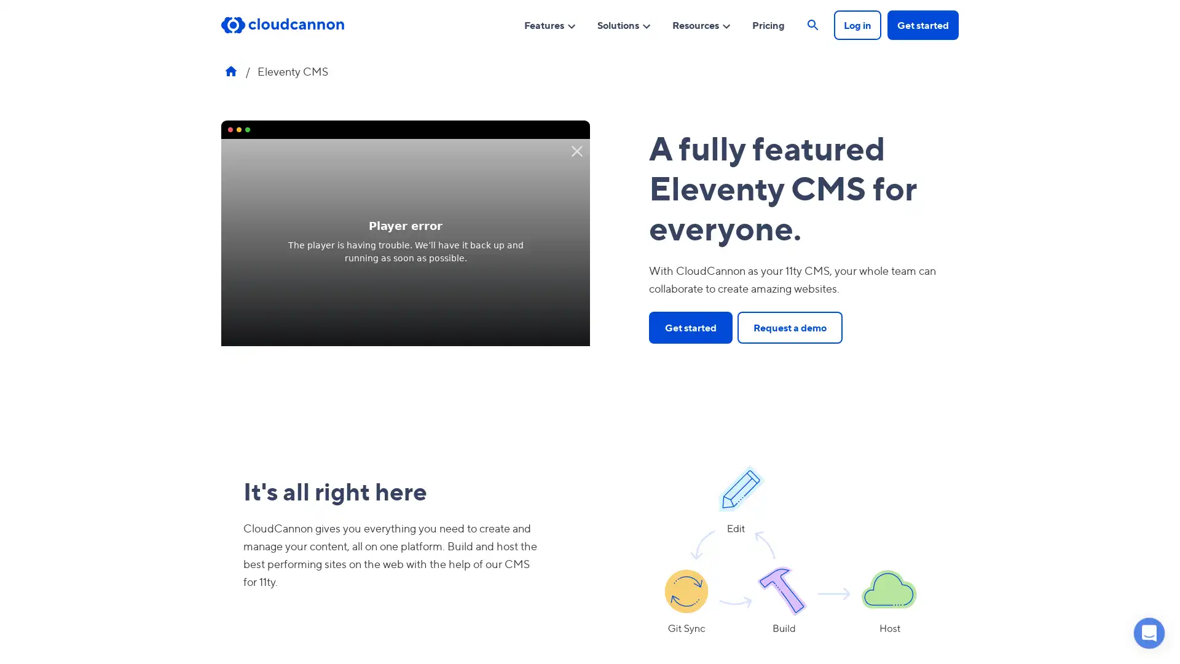 Image resolution: width=1180 pixels, height=664 pixels. What do you see at coordinates (702, 24) in the screenshot?
I see `Resources` at bounding box center [702, 24].